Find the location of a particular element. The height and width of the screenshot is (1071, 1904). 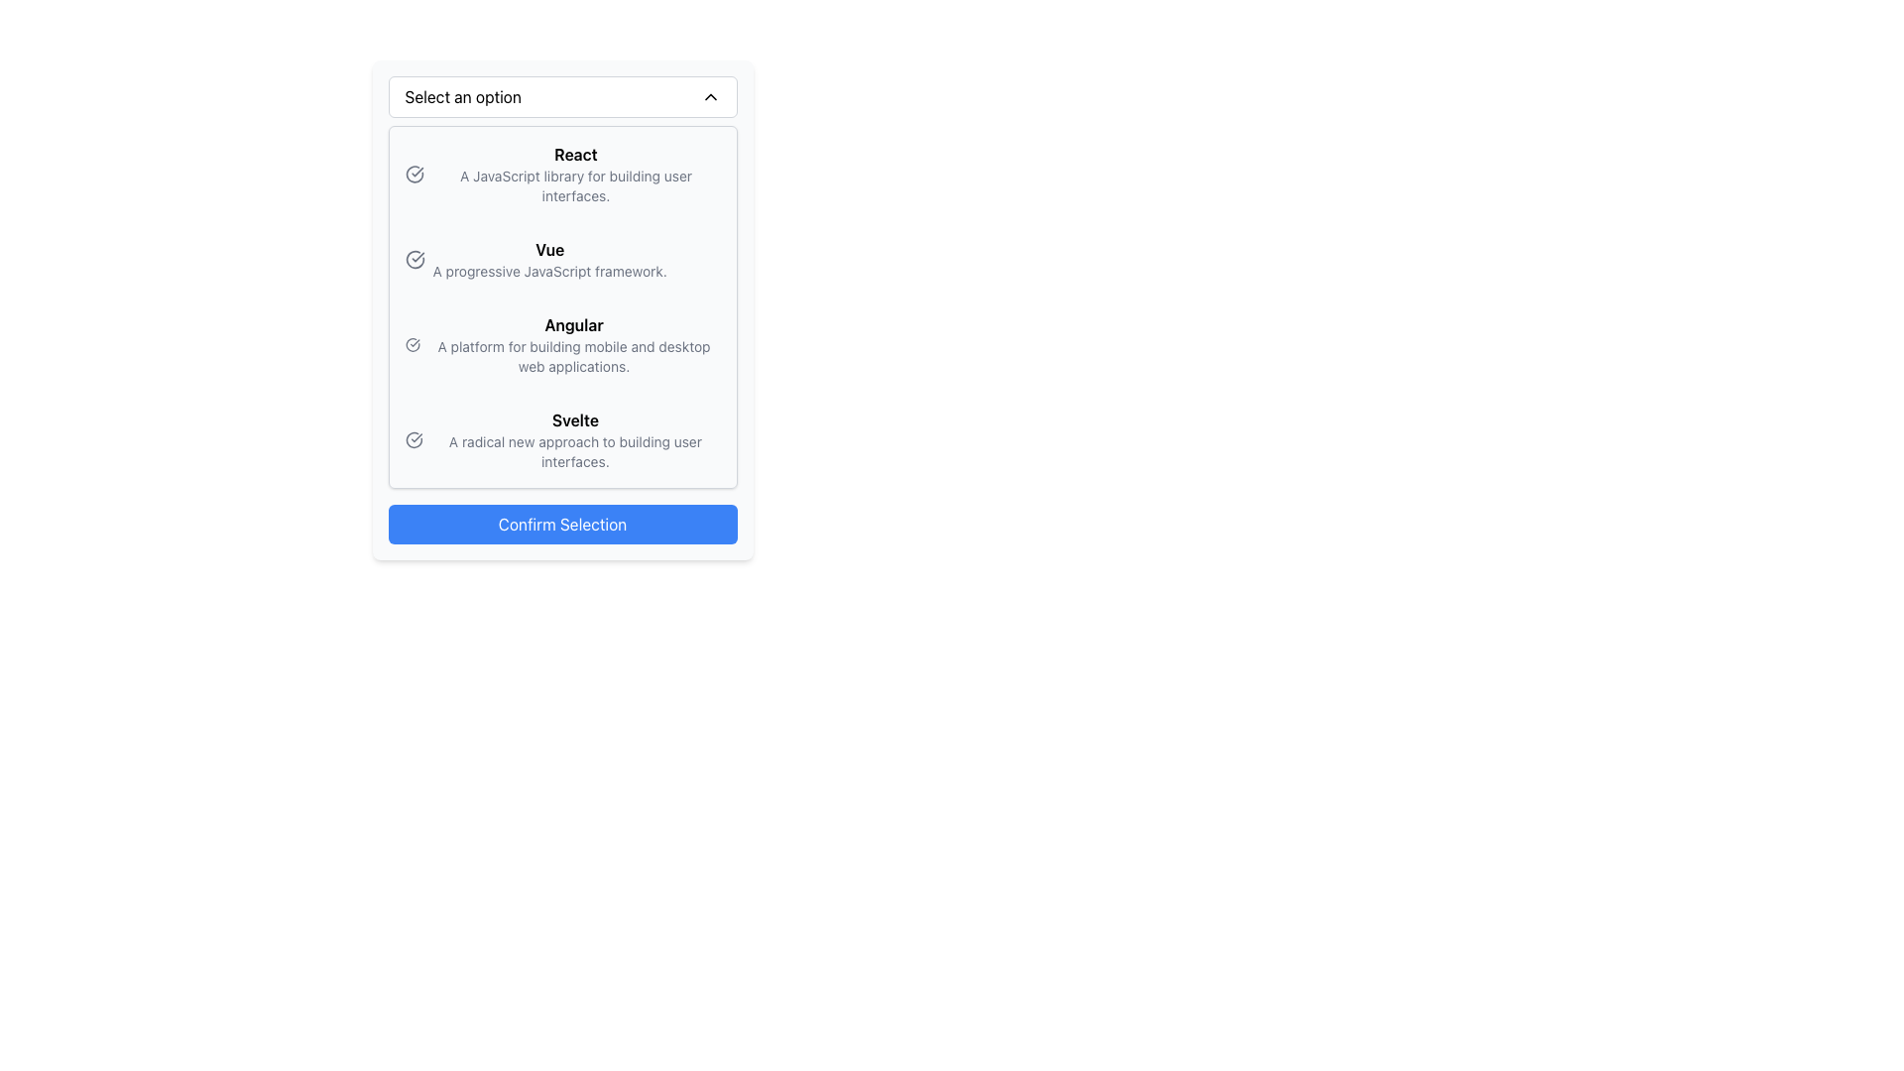

bolded text label element titled 'Svelte', which is the fourth entry in the list of JavaScript frameworks, to obtain its information is located at coordinates (574, 419).